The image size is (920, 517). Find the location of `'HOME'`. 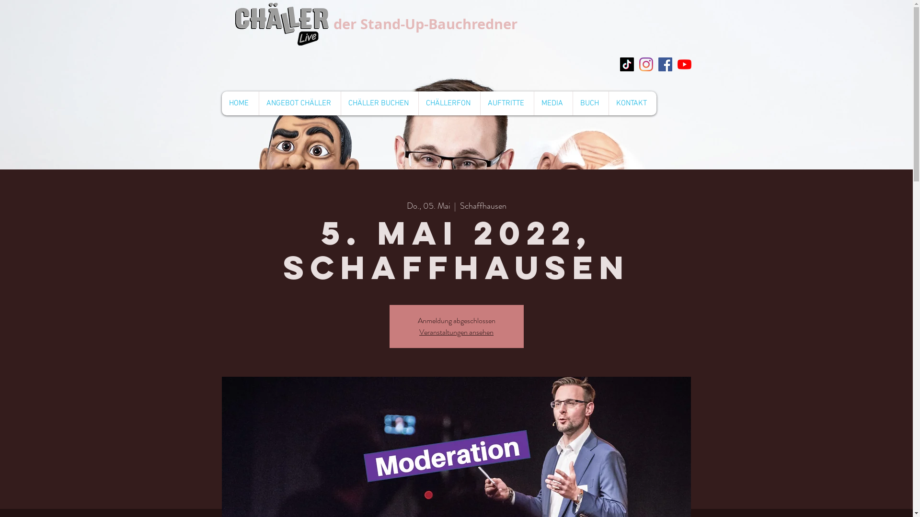

'HOME' is located at coordinates (240, 103).